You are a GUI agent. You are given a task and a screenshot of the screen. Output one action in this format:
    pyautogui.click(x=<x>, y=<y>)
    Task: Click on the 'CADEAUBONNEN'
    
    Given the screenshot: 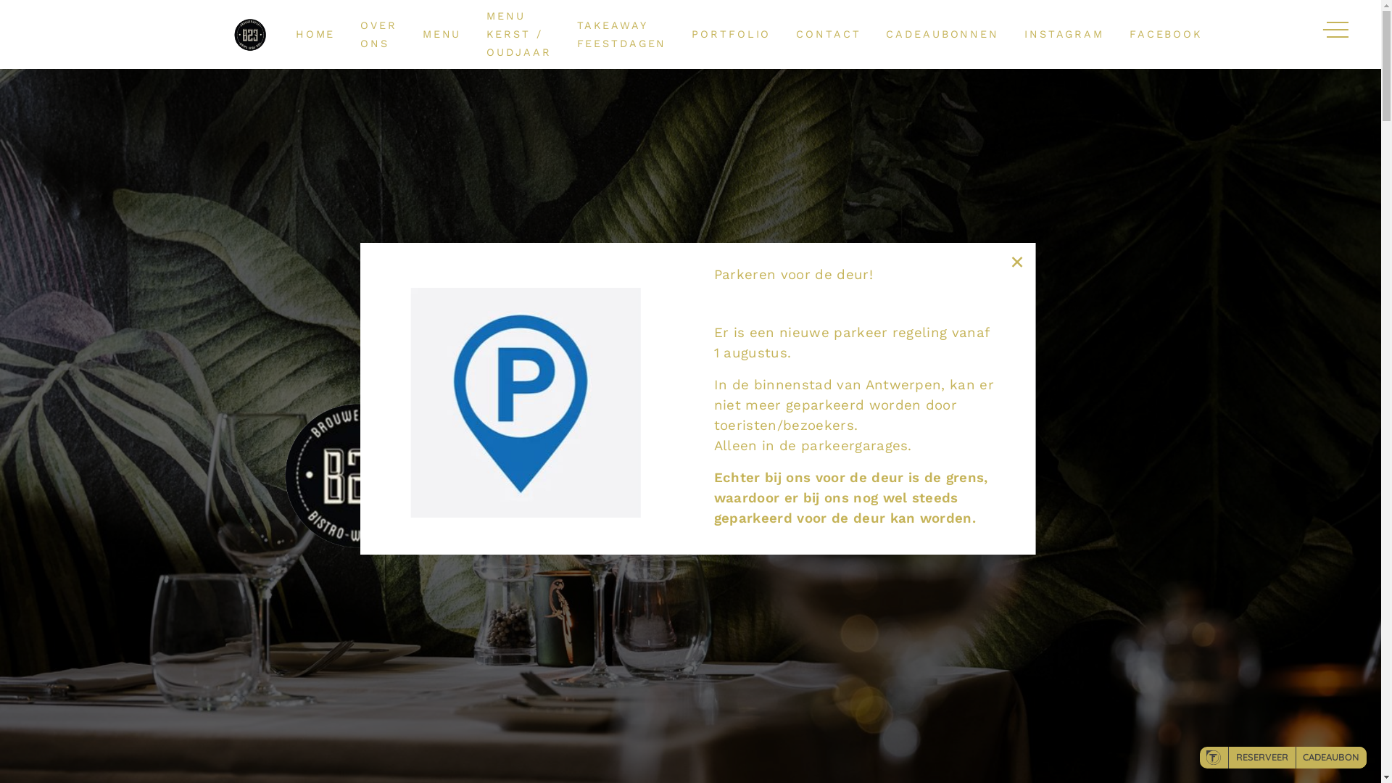 What is the action you would take?
    pyautogui.click(x=942, y=33)
    